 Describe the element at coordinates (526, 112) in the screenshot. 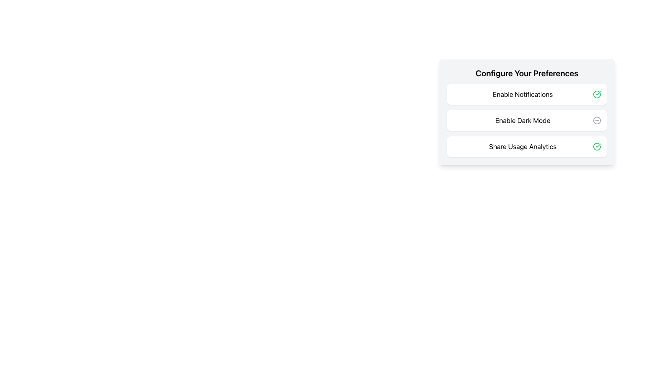

I see `the 'Enable Dark Mode' toggle control within the 'Configure Your Preferences' panel` at that location.